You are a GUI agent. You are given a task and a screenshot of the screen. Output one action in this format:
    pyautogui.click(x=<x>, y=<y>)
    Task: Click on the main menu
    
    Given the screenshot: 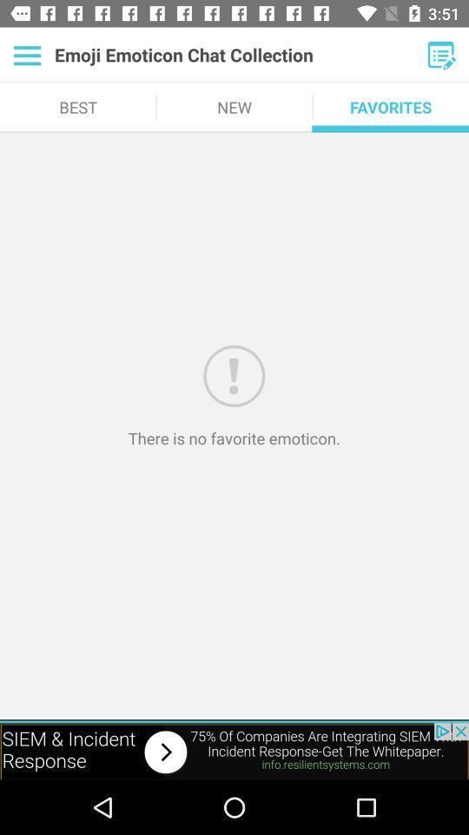 What is the action you would take?
    pyautogui.click(x=26, y=55)
    